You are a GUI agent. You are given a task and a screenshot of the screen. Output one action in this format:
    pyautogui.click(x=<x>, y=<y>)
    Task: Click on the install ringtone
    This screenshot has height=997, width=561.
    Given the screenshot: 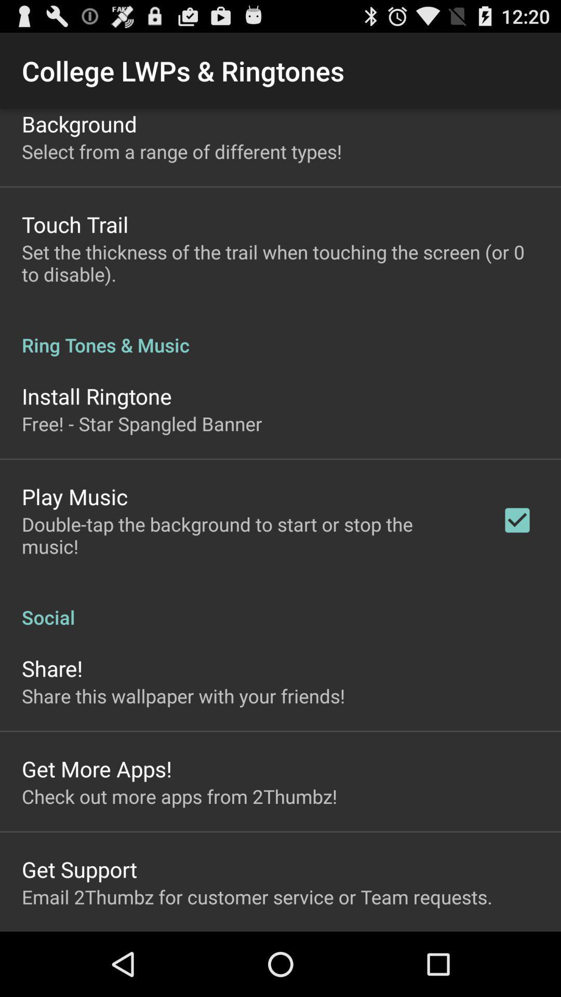 What is the action you would take?
    pyautogui.click(x=97, y=395)
    